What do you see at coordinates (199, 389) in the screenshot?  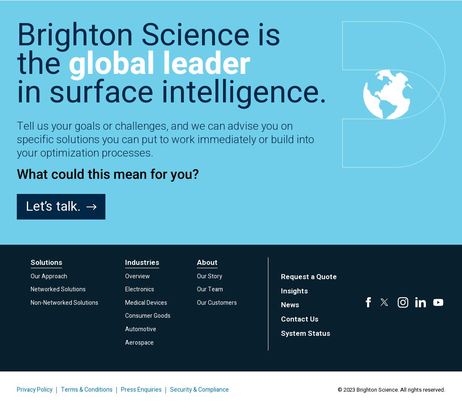 I see `'Security & Compliance'` at bounding box center [199, 389].